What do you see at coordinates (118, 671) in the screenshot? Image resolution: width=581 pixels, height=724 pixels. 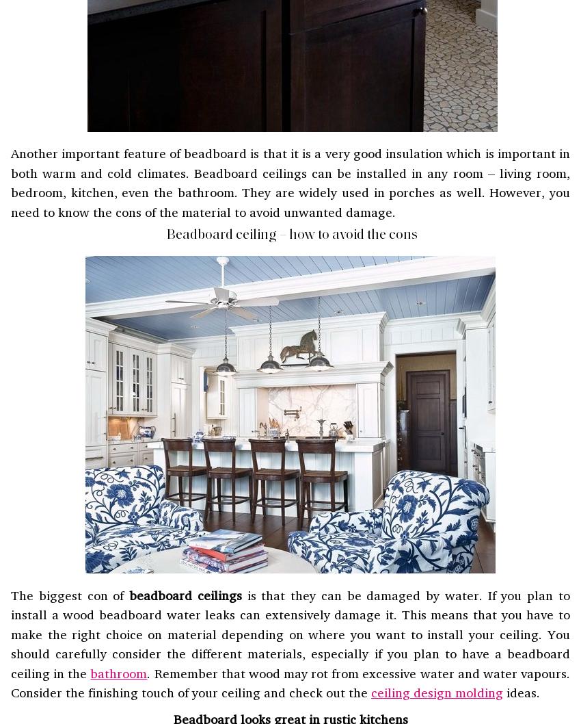 I see `'bathroom'` at bounding box center [118, 671].